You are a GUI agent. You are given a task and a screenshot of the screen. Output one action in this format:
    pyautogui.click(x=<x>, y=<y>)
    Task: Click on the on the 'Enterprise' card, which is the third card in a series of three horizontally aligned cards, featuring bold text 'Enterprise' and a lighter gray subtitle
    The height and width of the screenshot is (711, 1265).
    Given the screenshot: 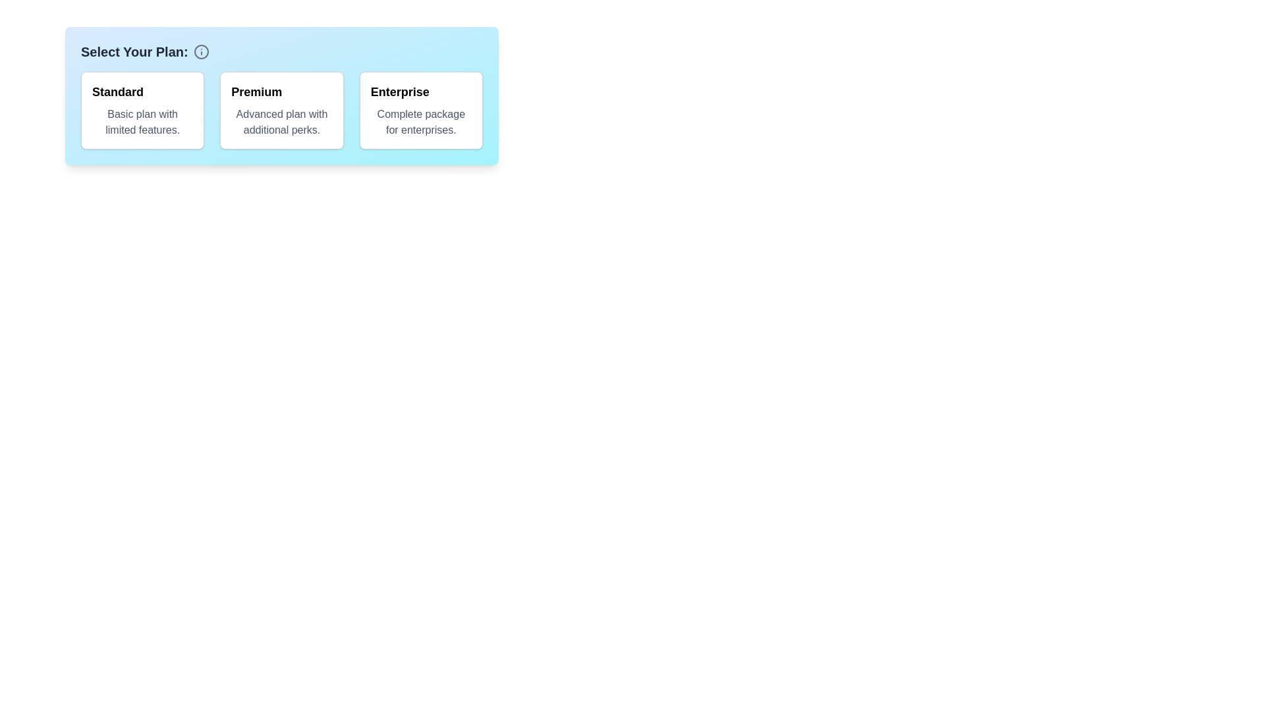 What is the action you would take?
    pyautogui.click(x=420, y=110)
    